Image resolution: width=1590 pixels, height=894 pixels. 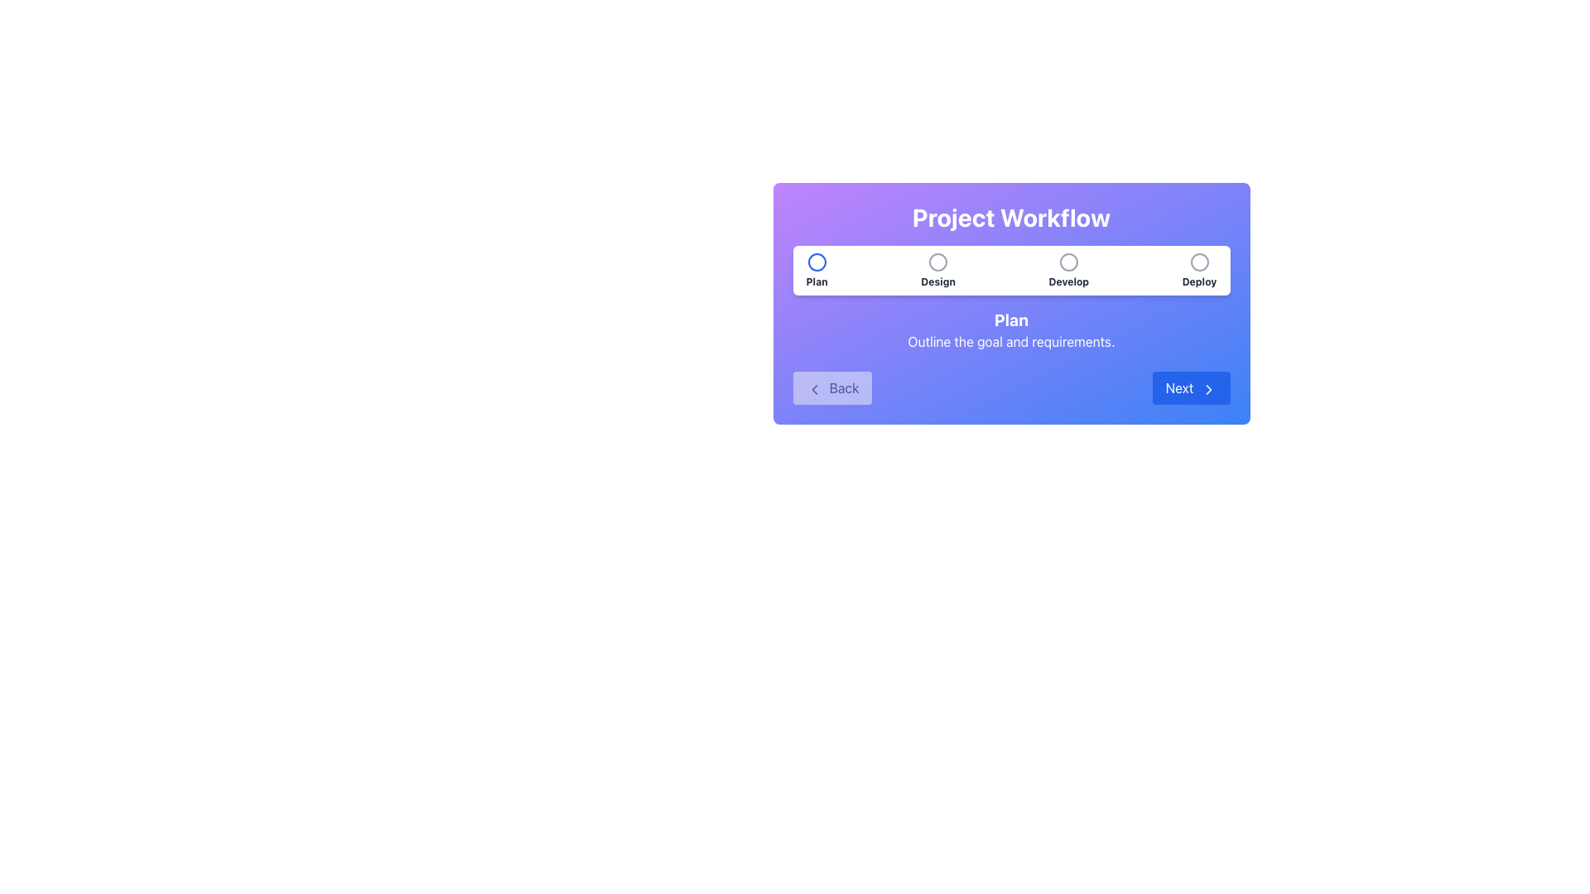 What do you see at coordinates (1010, 329) in the screenshot?
I see `text in the description block located below the step navigation component in the 'Project Workflow' card` at bounding box center [1010, 329].